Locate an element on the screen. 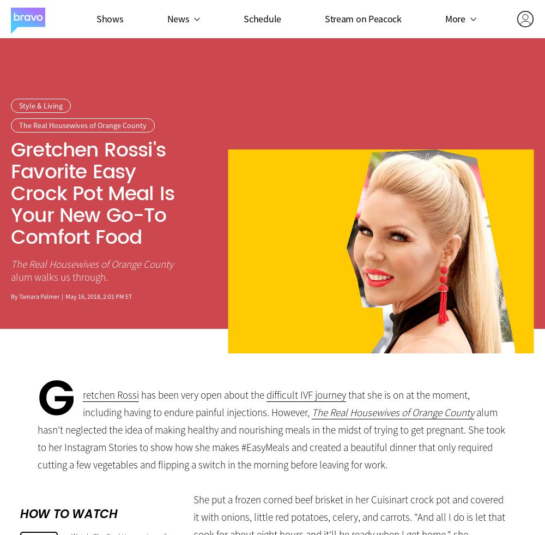 This screenshot has width=545, height=535. 'Bravo Insider' is located at coordinates (438, 79).